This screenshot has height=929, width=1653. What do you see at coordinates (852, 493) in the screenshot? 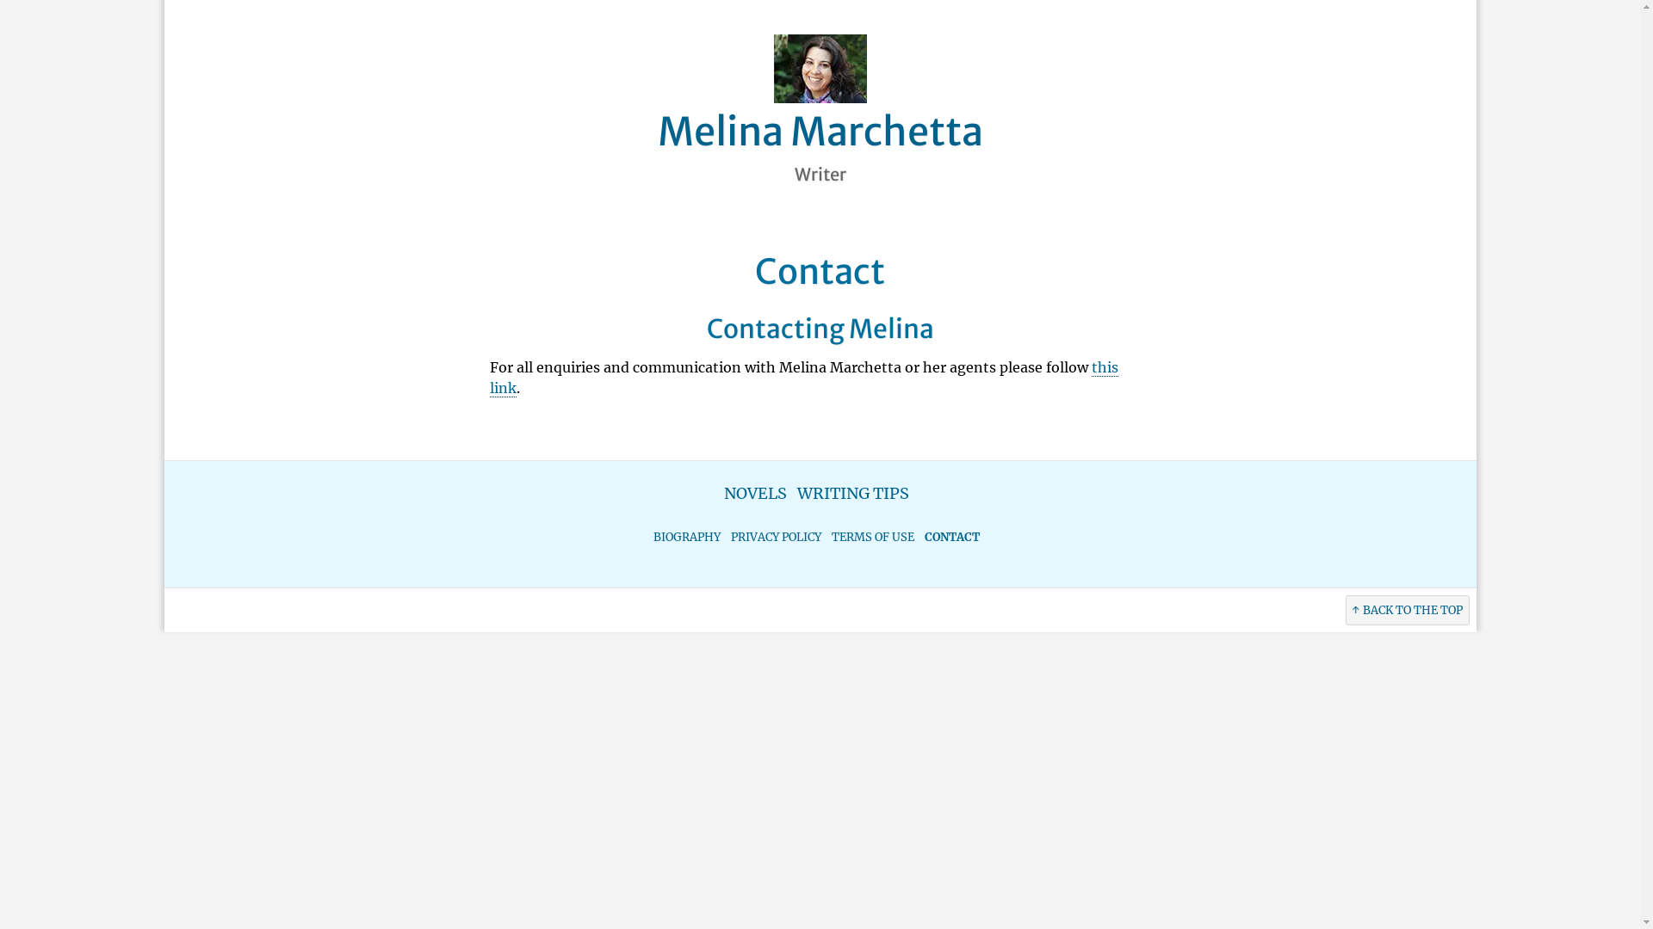
I see `'WRITING TIPS'` at bounding box center [852, 493].